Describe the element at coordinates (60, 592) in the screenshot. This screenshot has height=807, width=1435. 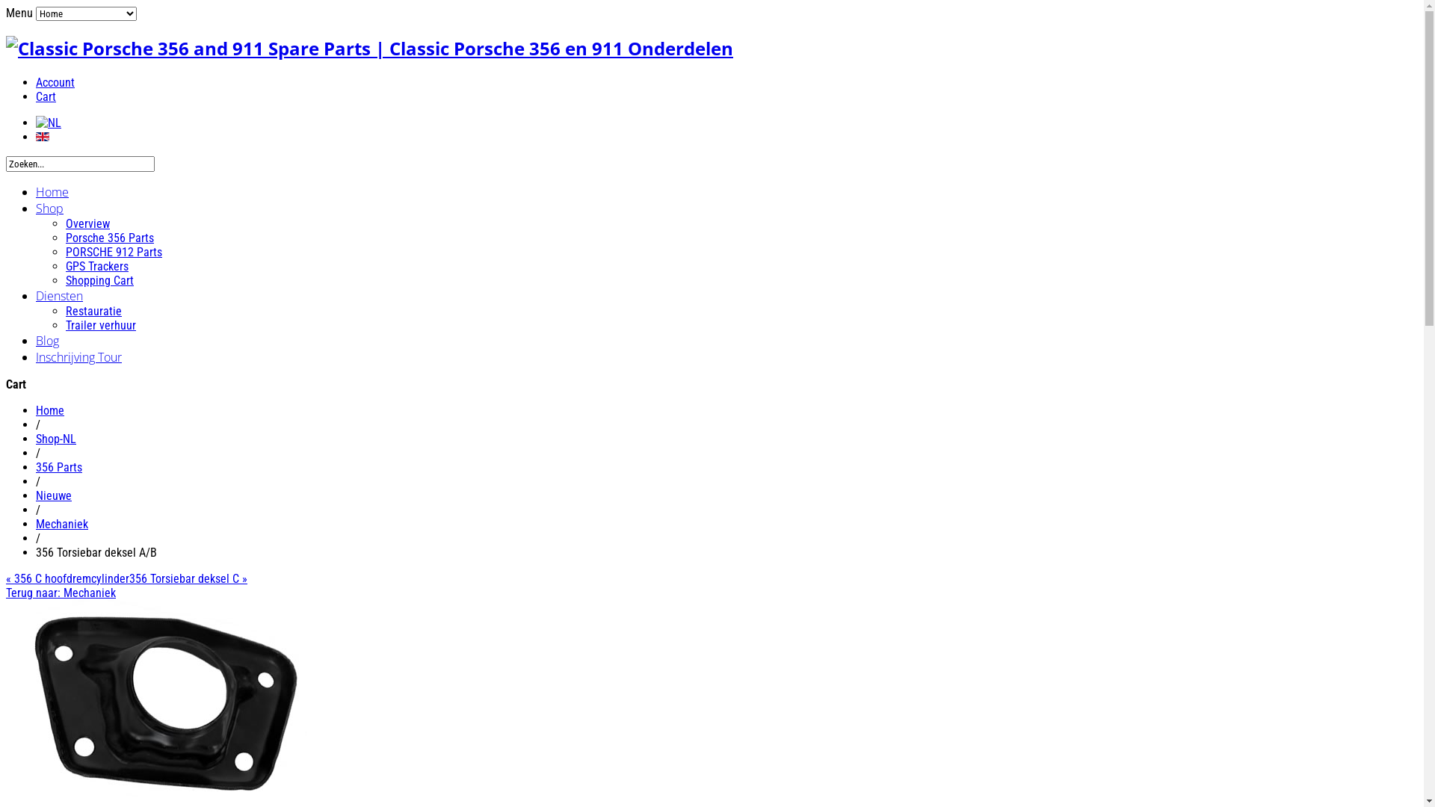
I see `'Terug naar: Mechaniek'` at that location.